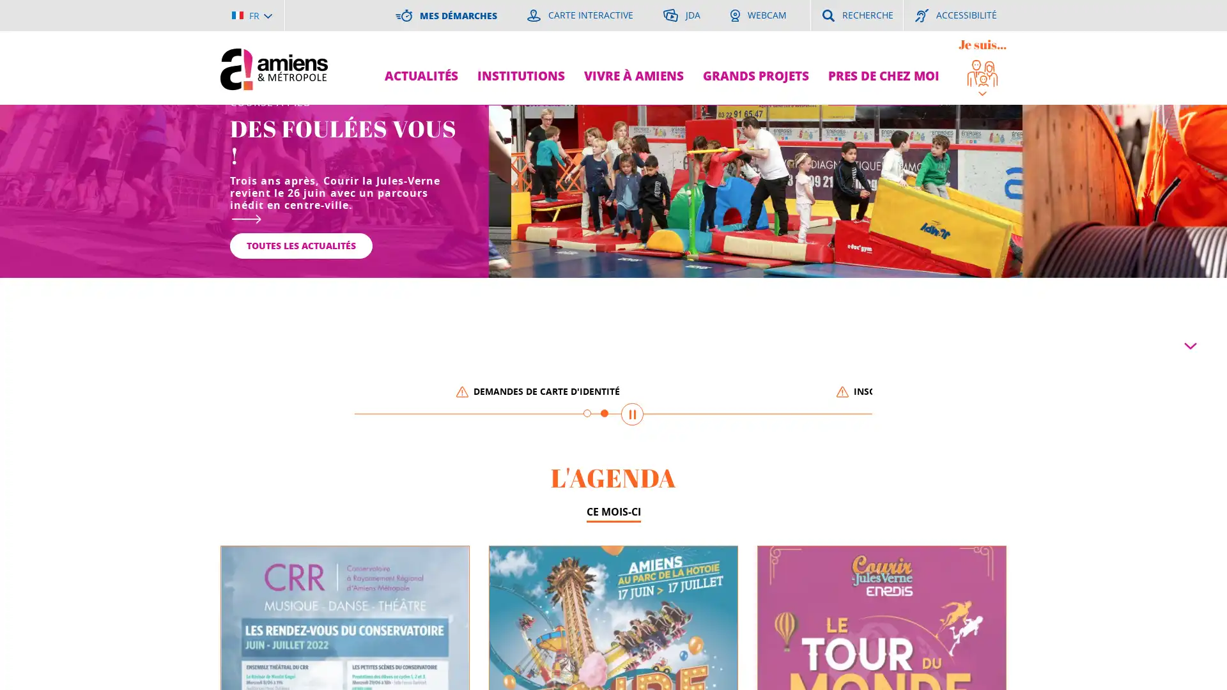  I want to click on RECHERCHE, so click(856, 15).